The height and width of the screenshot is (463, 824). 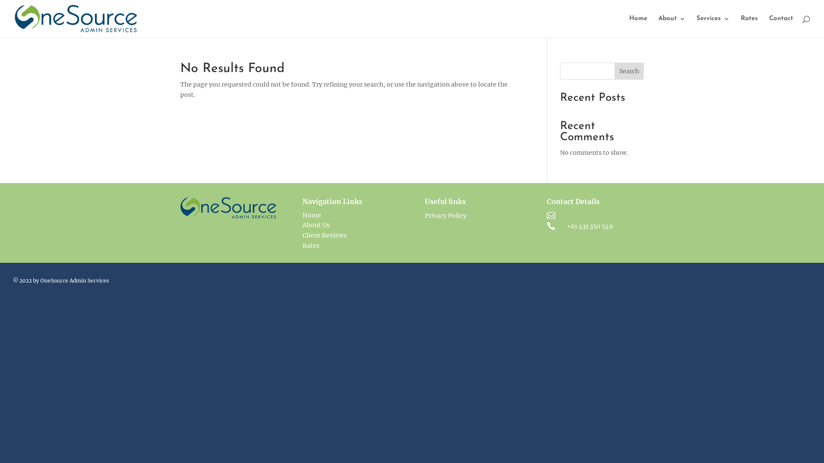 What do you see at coordinates (180, 208) in the screenshot?
I see `'OneSource_Colour_Medium'` at bounding box center [180, 208].